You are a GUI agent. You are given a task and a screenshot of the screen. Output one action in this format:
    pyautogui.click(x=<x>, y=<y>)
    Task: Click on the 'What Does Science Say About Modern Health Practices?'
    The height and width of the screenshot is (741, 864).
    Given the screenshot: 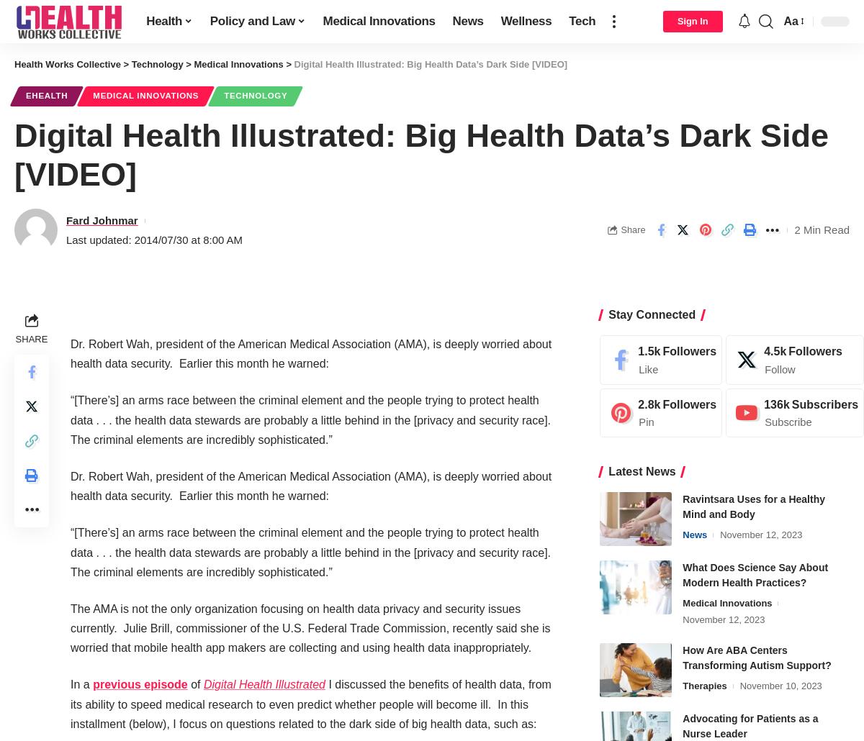 What is the action you would take?
    pyautogui.click(x=755, y=574)
    